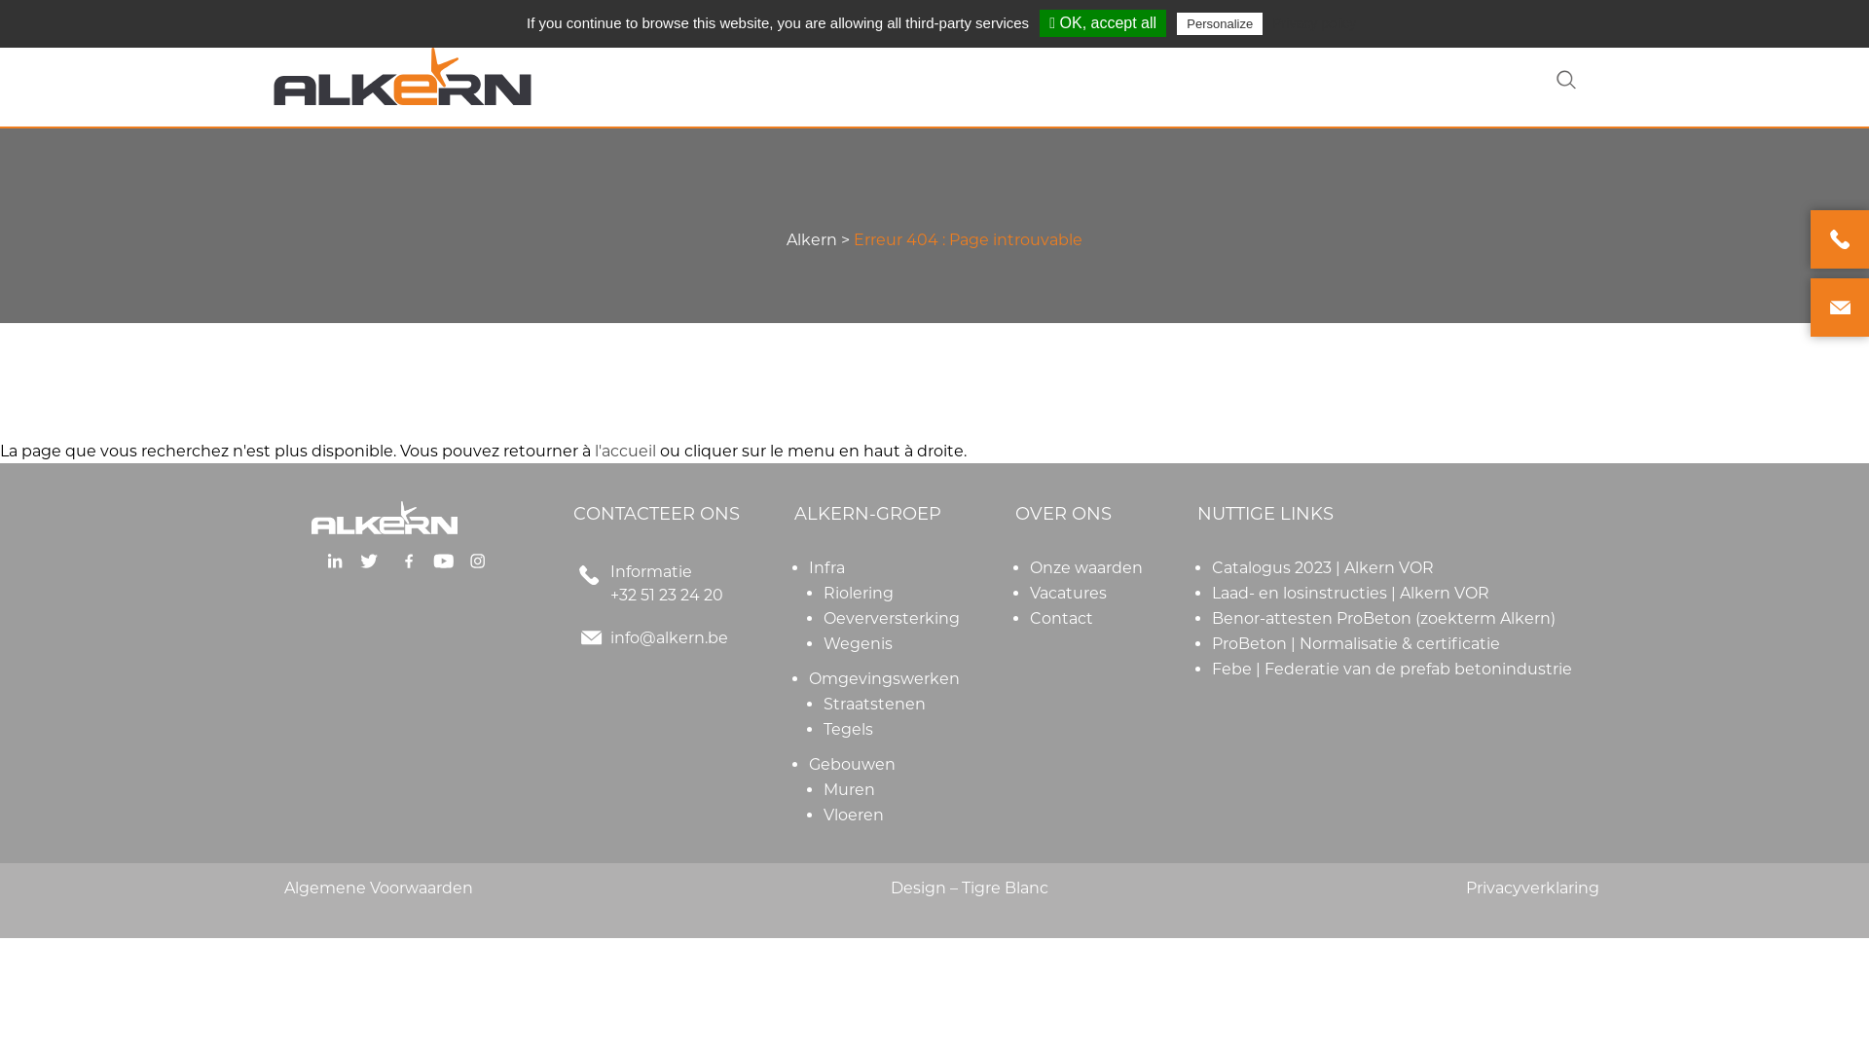 This screenshot has width=1869, height=1051. Describe the element at coordinates (1176, 23) in the screenshot. I see `'Personalize'` at that location.